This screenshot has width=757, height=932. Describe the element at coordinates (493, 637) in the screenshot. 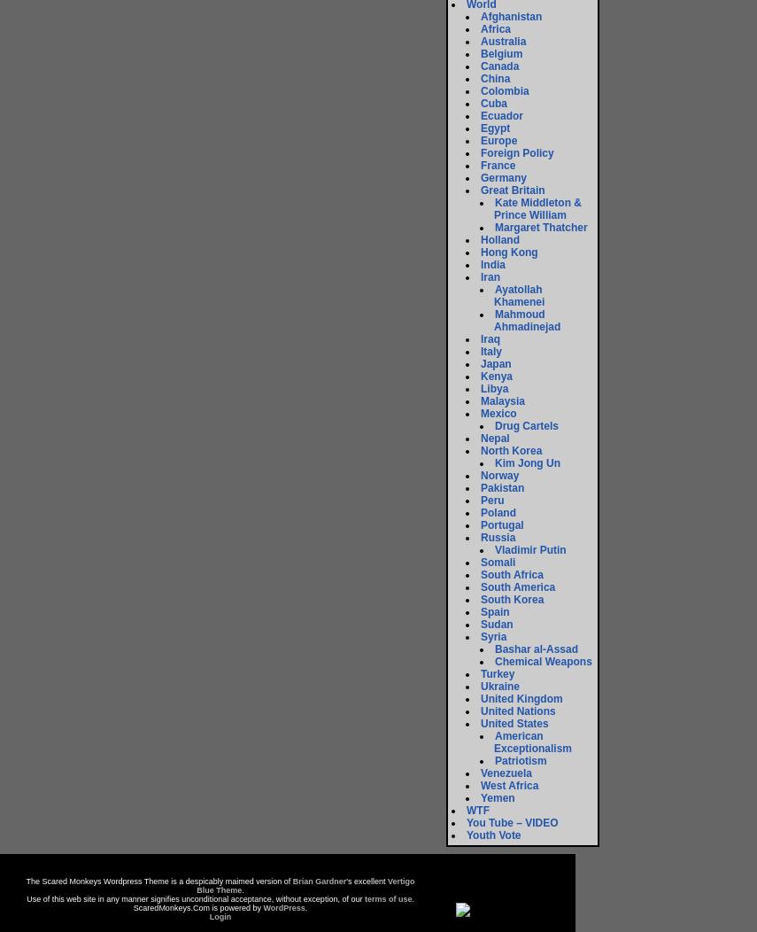

I see `'Syria'` at that location.